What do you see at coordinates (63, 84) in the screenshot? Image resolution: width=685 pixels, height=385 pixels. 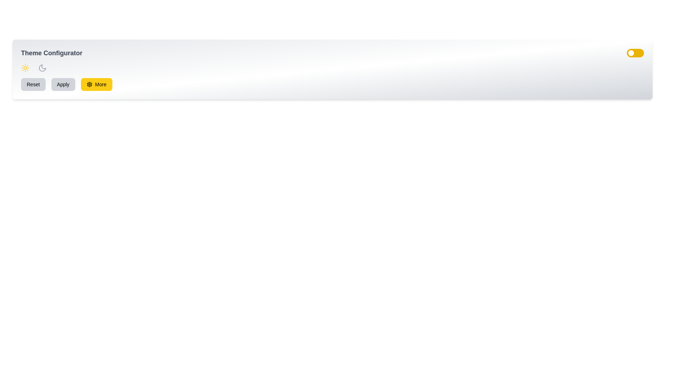 I see `the button located under the 'Theme Configurator' section, which is the second button in a horizontal group of three, to apply the configuration changes` at bounding box center [63, 84].